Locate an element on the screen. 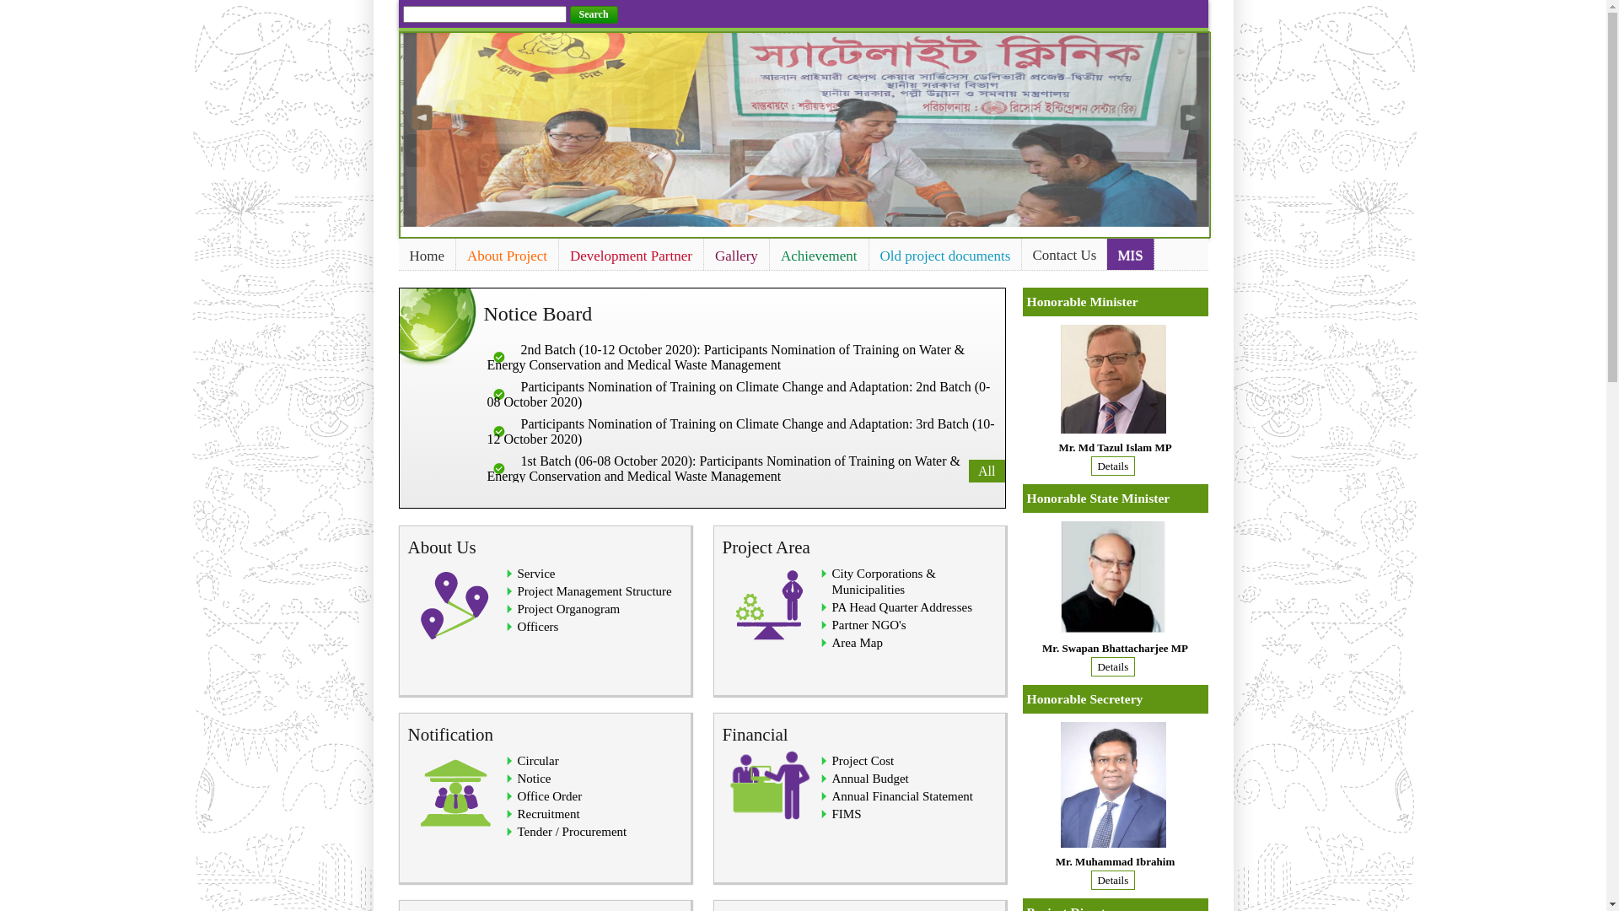  'Area Map' is located at coordinates (831, 643).